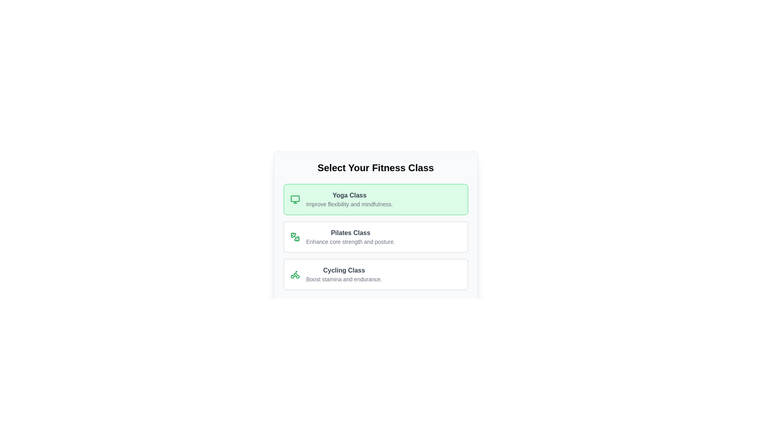  Describe the element at coordinates (350, 233) in the screenshot. I see `heading text that describes the fitness class, which is centrally located above the description 'Enhance core strength and posture.'` at that location.